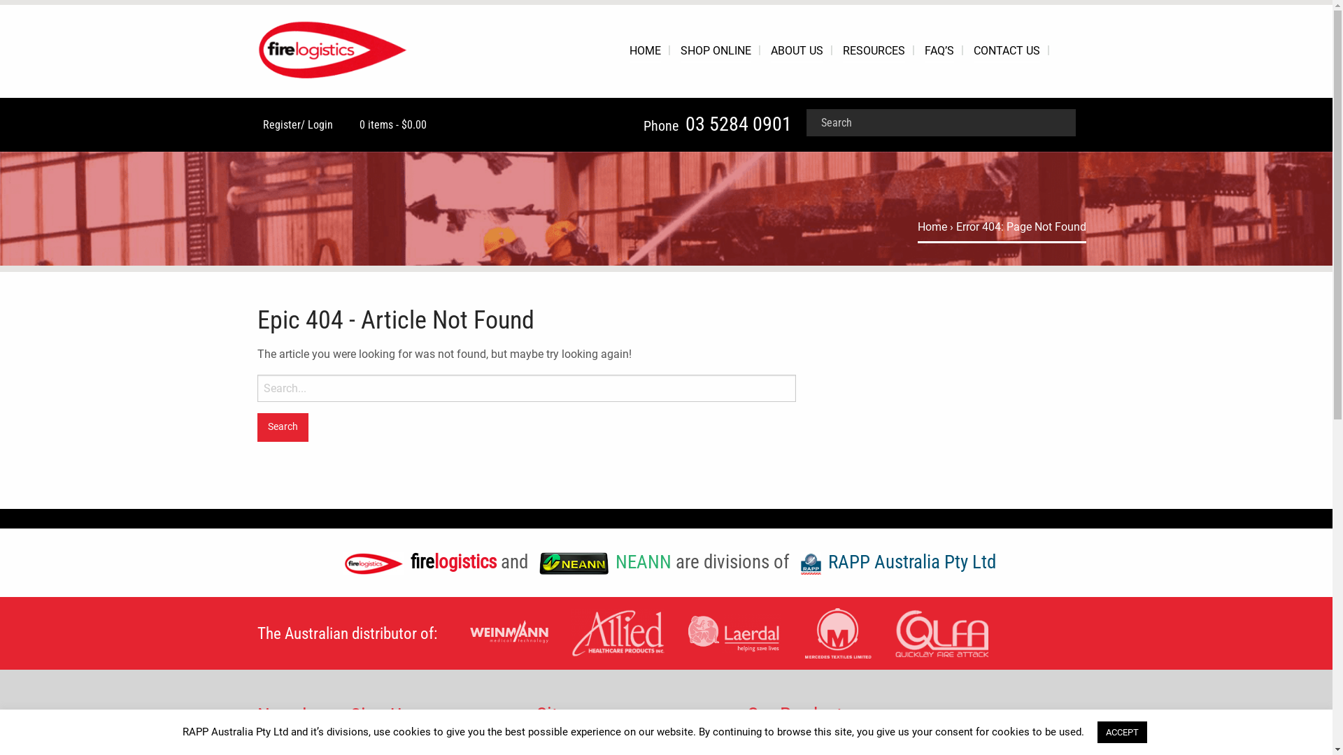 This screenshot has height=755, width=1343. What do you see at coordinates (738, 123) in the screenshot?
I see `'03 5284 0901'` at bounding box center [738, 123].